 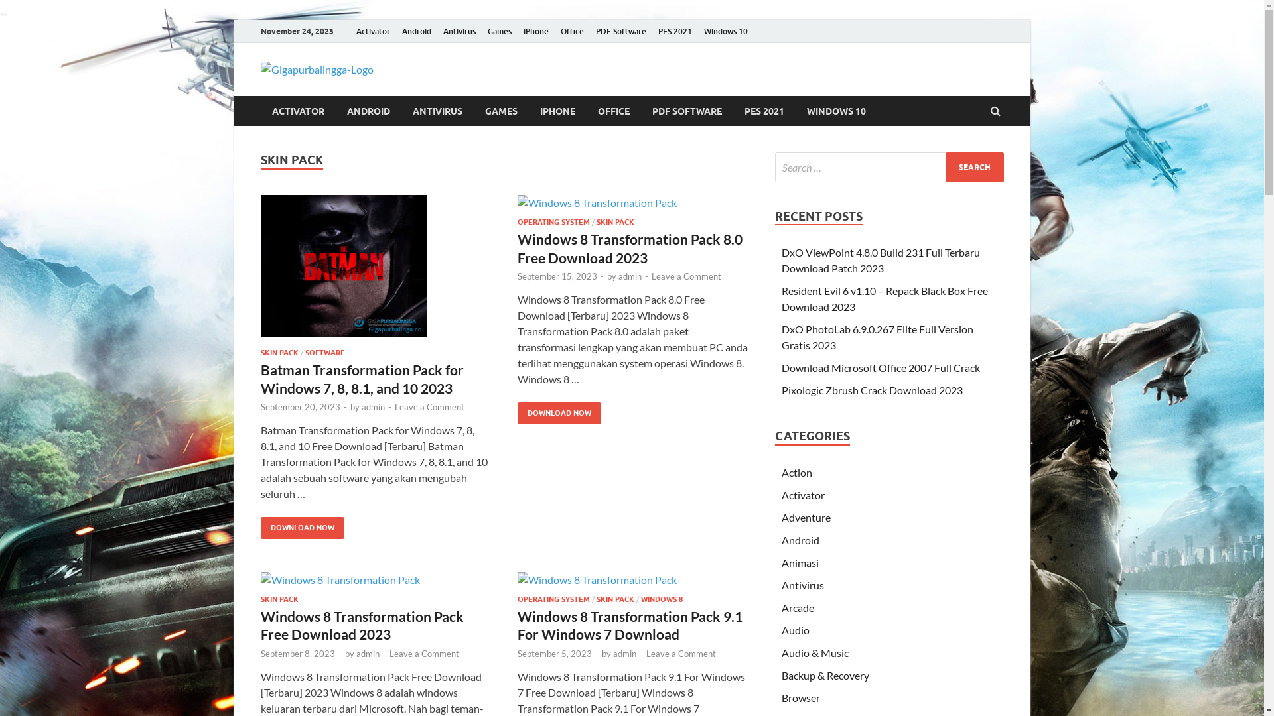 I want to click on 'Leave a Comment', so click(x=429, y=406).